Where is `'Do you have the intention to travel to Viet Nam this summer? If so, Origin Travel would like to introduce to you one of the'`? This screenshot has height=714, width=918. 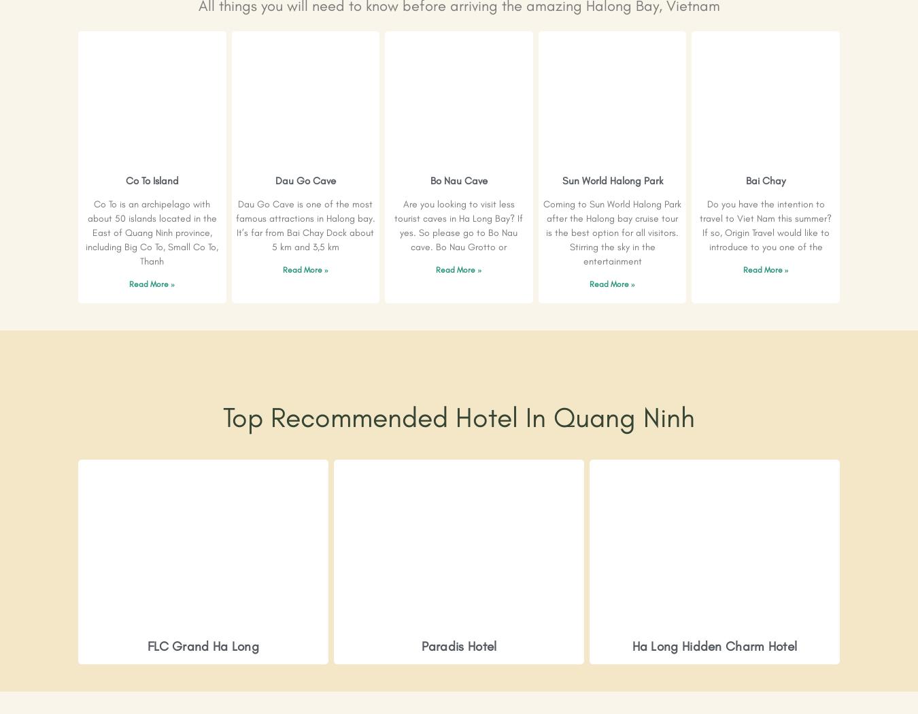 'Do you have the intention to travel to Viet Nam this summer? If so, Origin Travel would like to introduce to you one of the' is located at coordinates (765, 224).